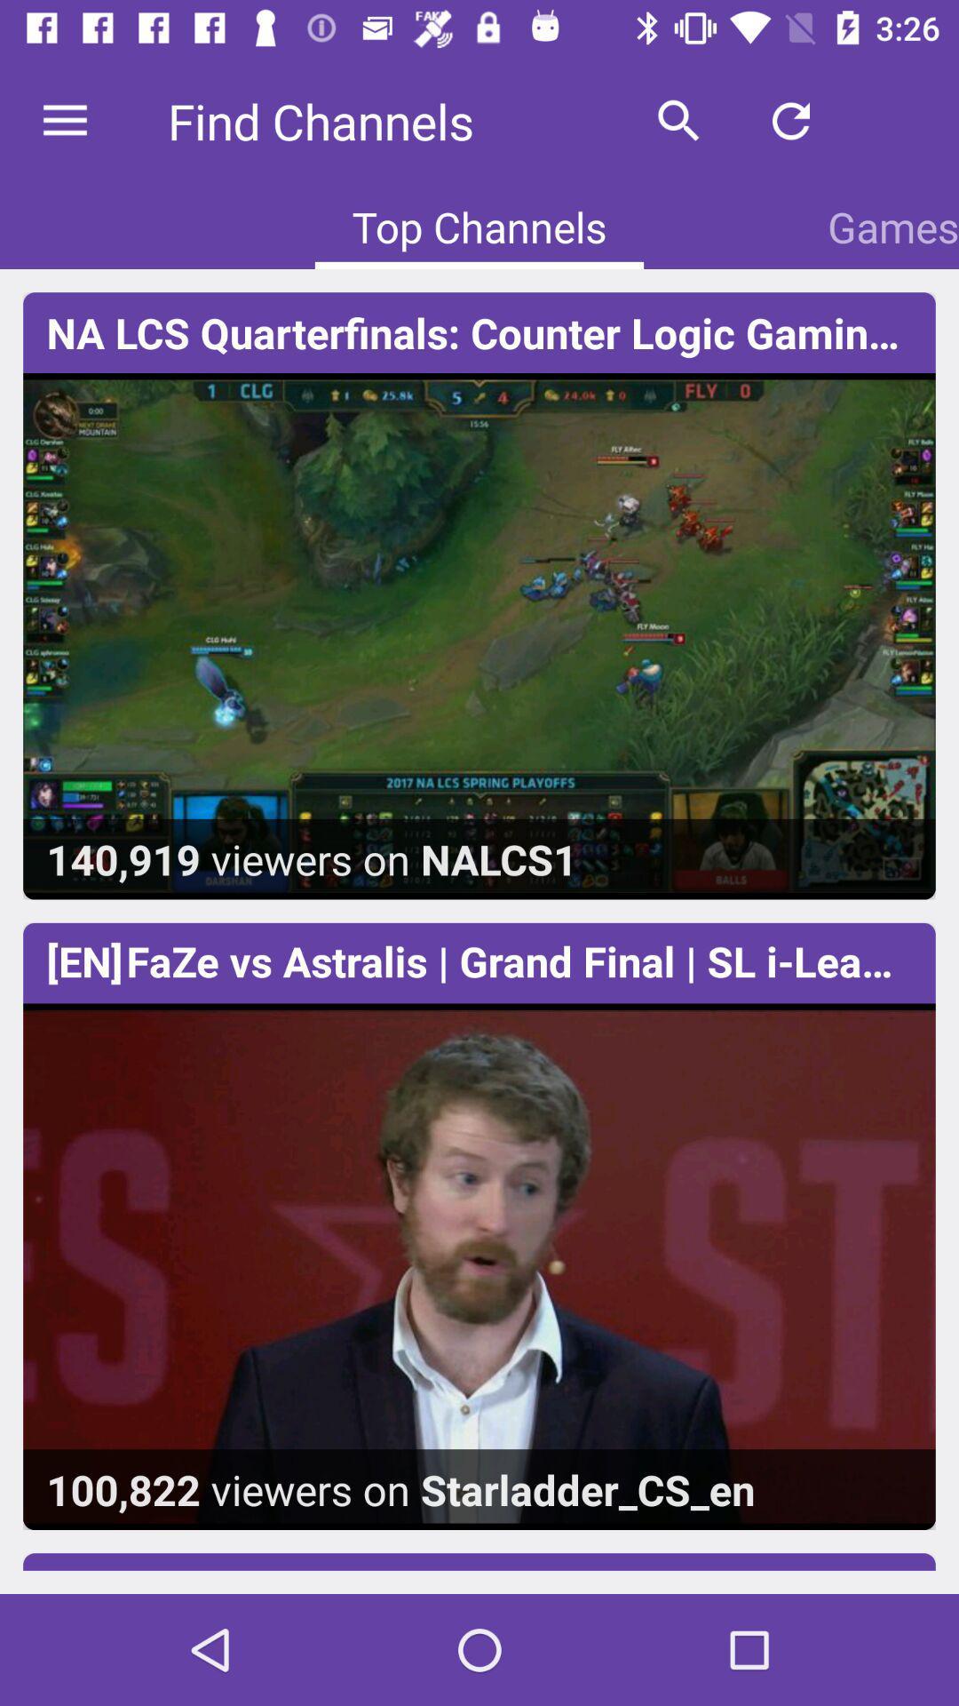 This screenshot has width=959, height=1706. Describe the element at coordinates (790, 121) in the screenshot. I see `the option which is above the games` at that location.